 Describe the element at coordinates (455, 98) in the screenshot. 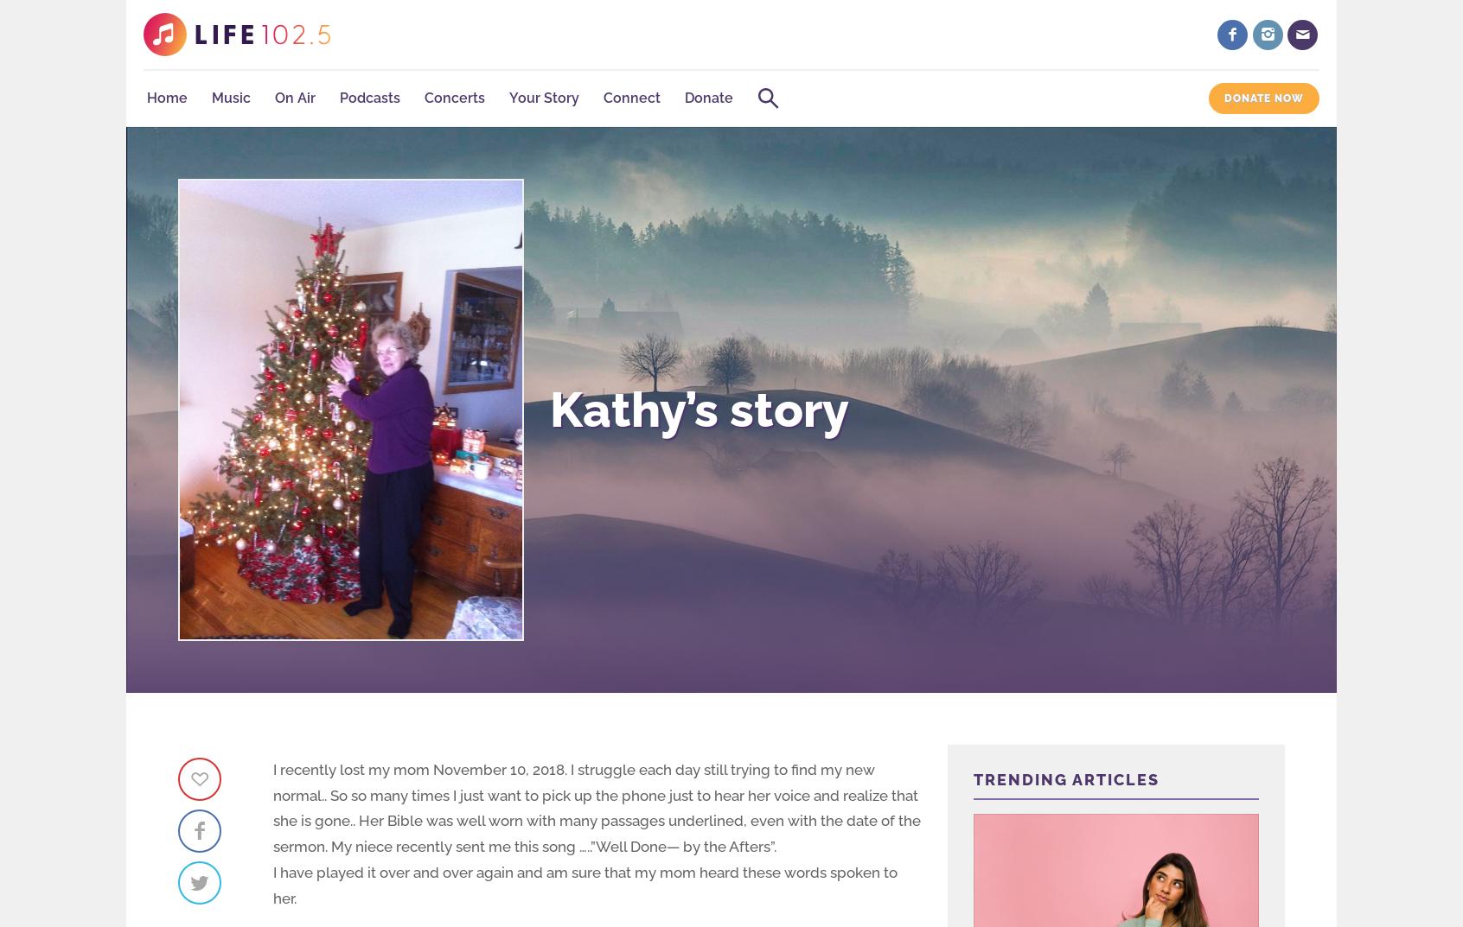

I see `'Concerts'` at that location.